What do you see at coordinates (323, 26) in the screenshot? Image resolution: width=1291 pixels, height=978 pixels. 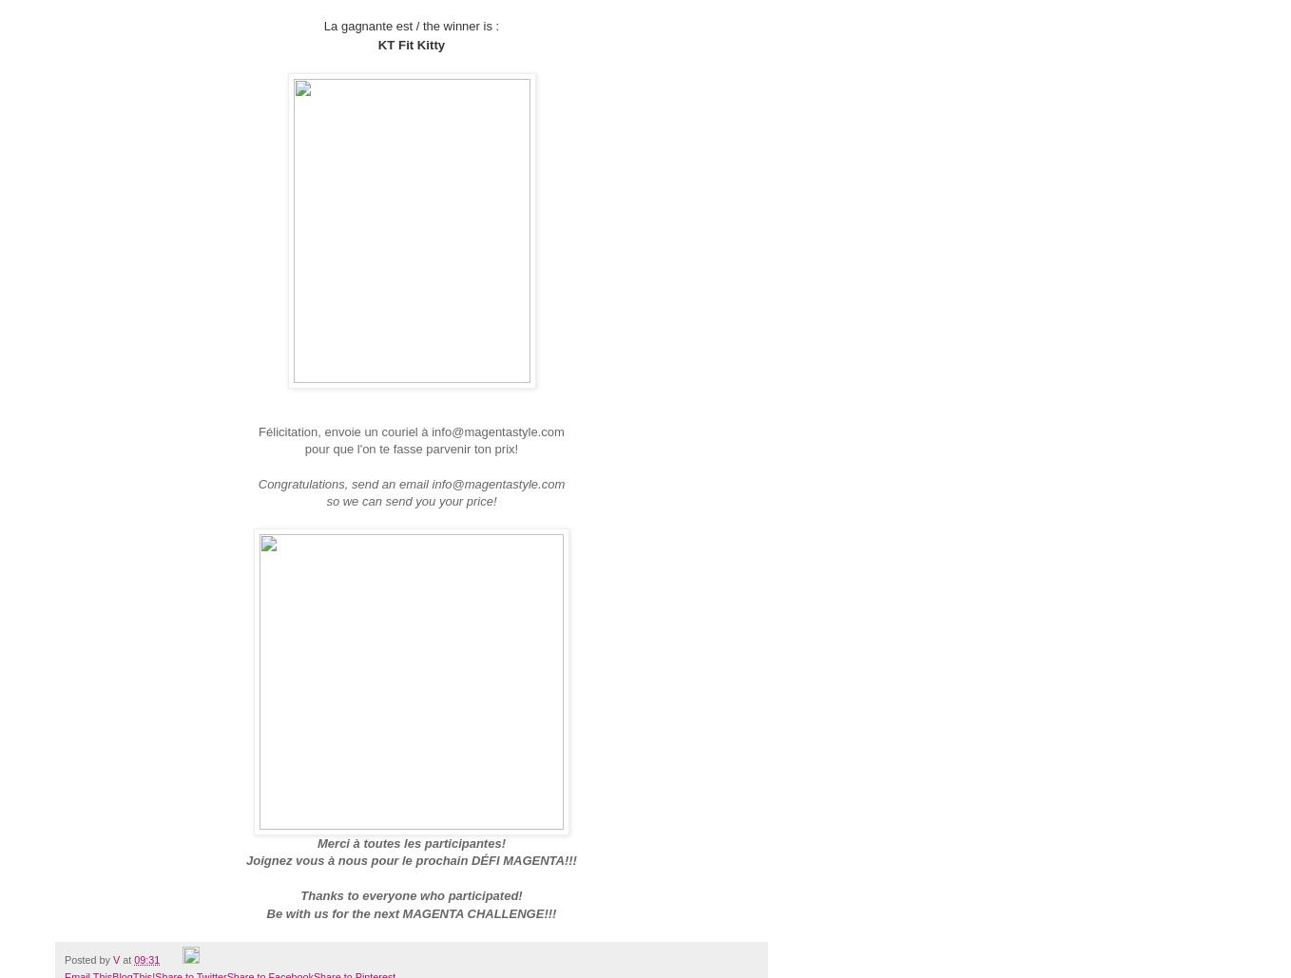 I see `'La gagnante est / the winner is :'` at bounding box center [323, 26].